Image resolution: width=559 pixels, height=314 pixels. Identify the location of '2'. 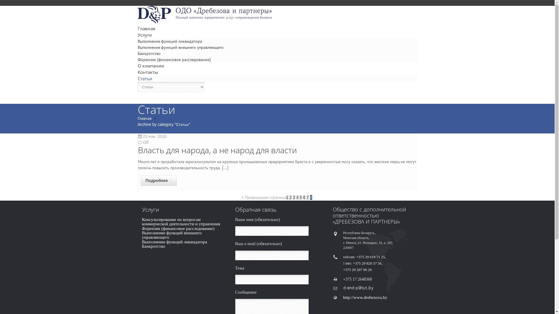
(291, 197).